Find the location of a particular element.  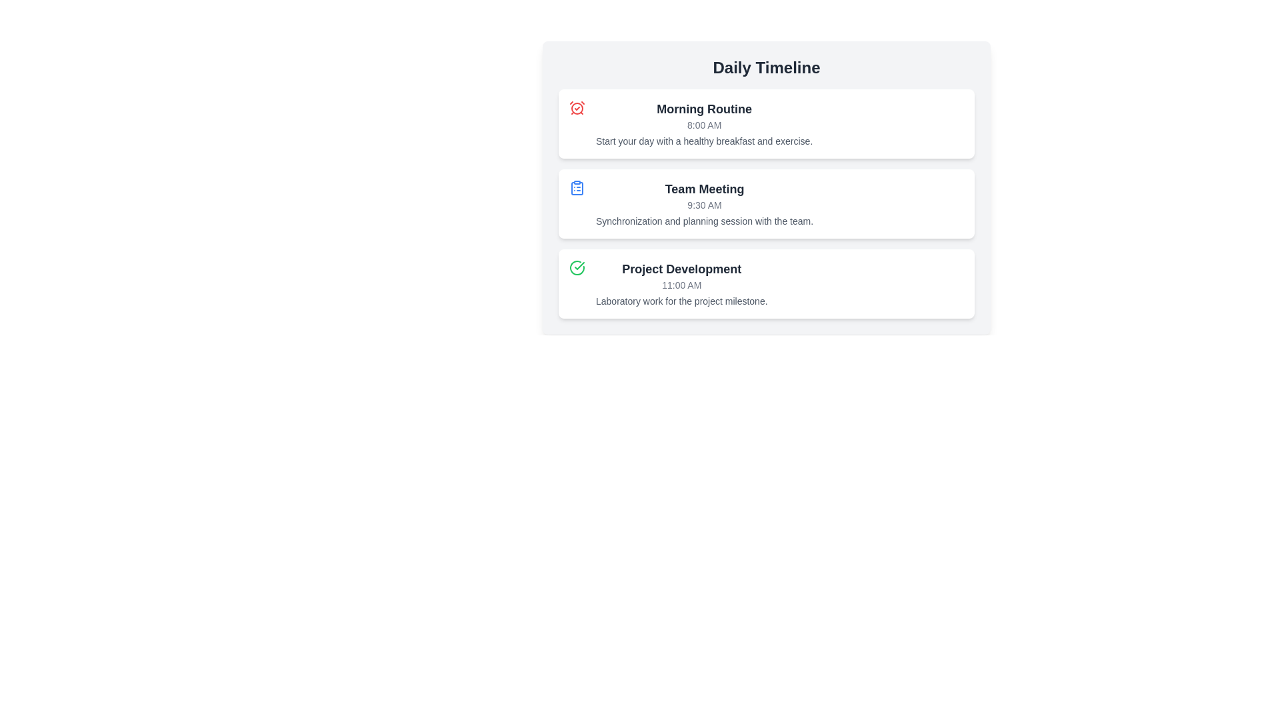

the text element that describes 'Synchronization and planning session with the team.' located under the '9:30 AM' time indicator in the 'Team Meeting' block is located at coordinates (703, 220).